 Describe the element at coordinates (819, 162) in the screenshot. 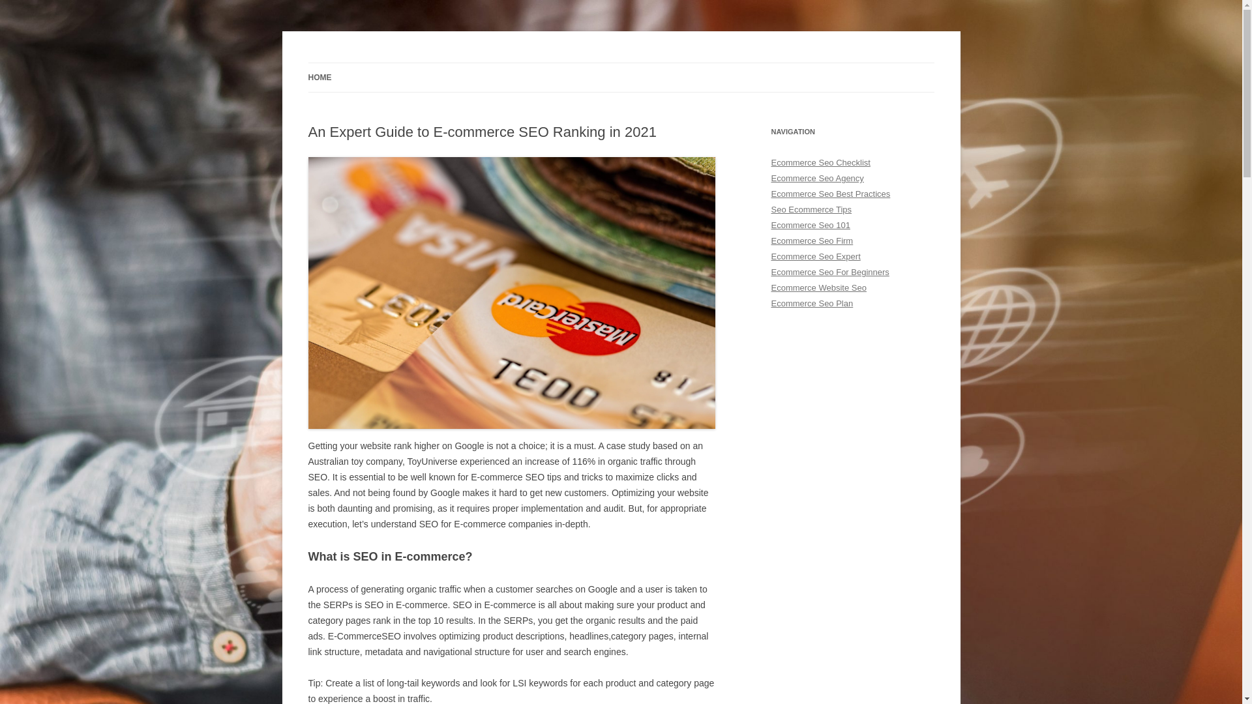

I see `'Ecommerce Seo Checklist'` at that location.